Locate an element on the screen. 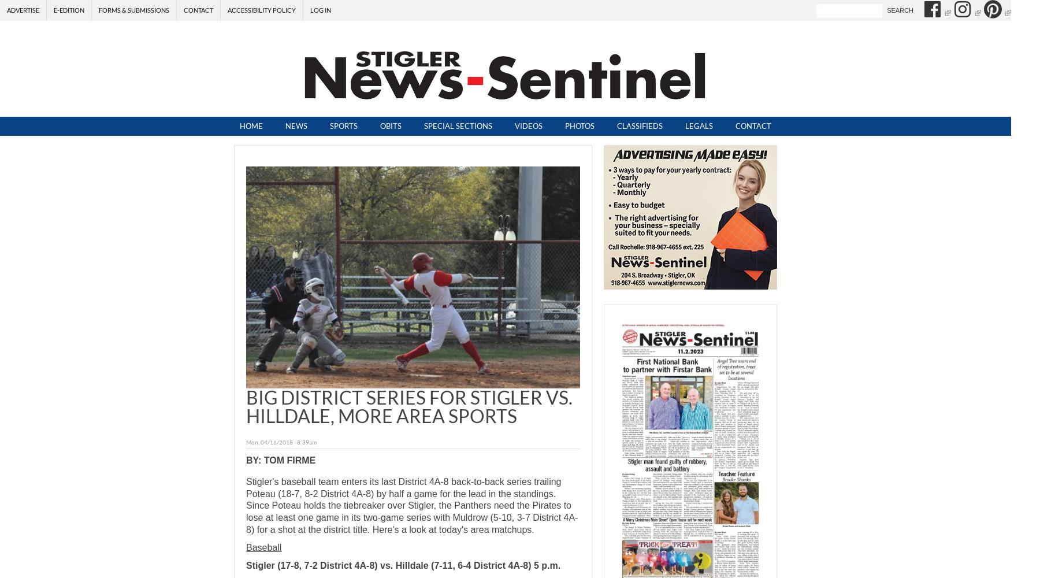 This screenshot has height=578, width=1040. 'Videos' is located at coordinates (515, 125).